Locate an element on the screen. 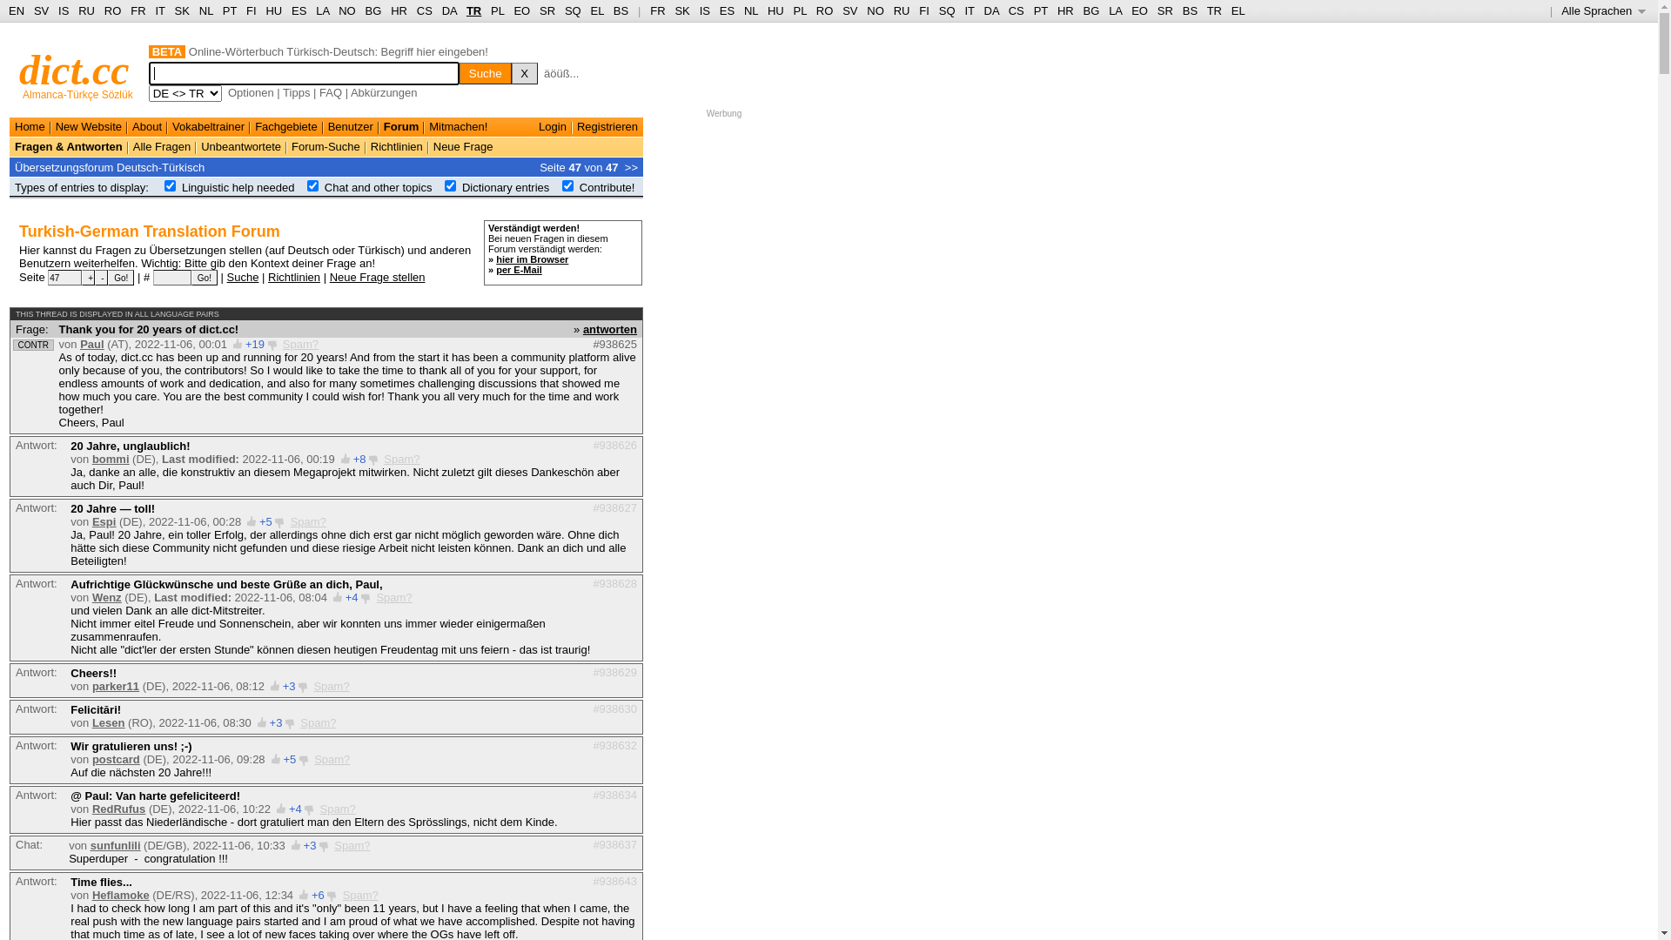 The image size is (1671, 940). 'HR' is located at coordinates (398, 10).